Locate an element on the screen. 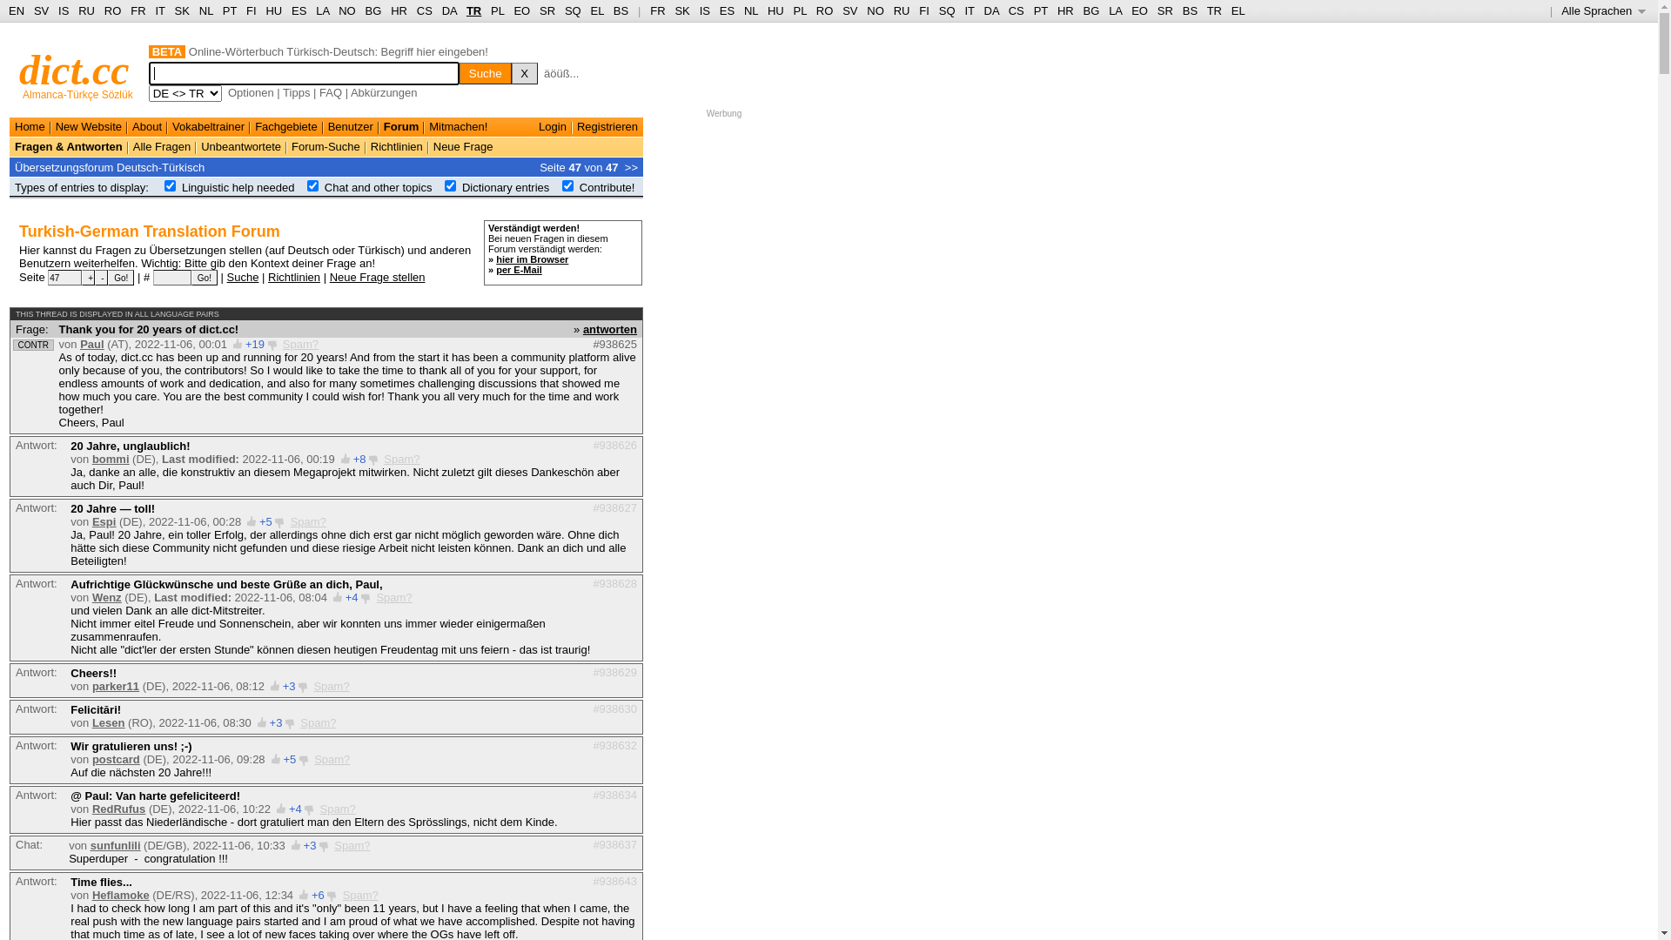 The image size is (1671, 940). 'HR' is located at coordinates (398, 10).